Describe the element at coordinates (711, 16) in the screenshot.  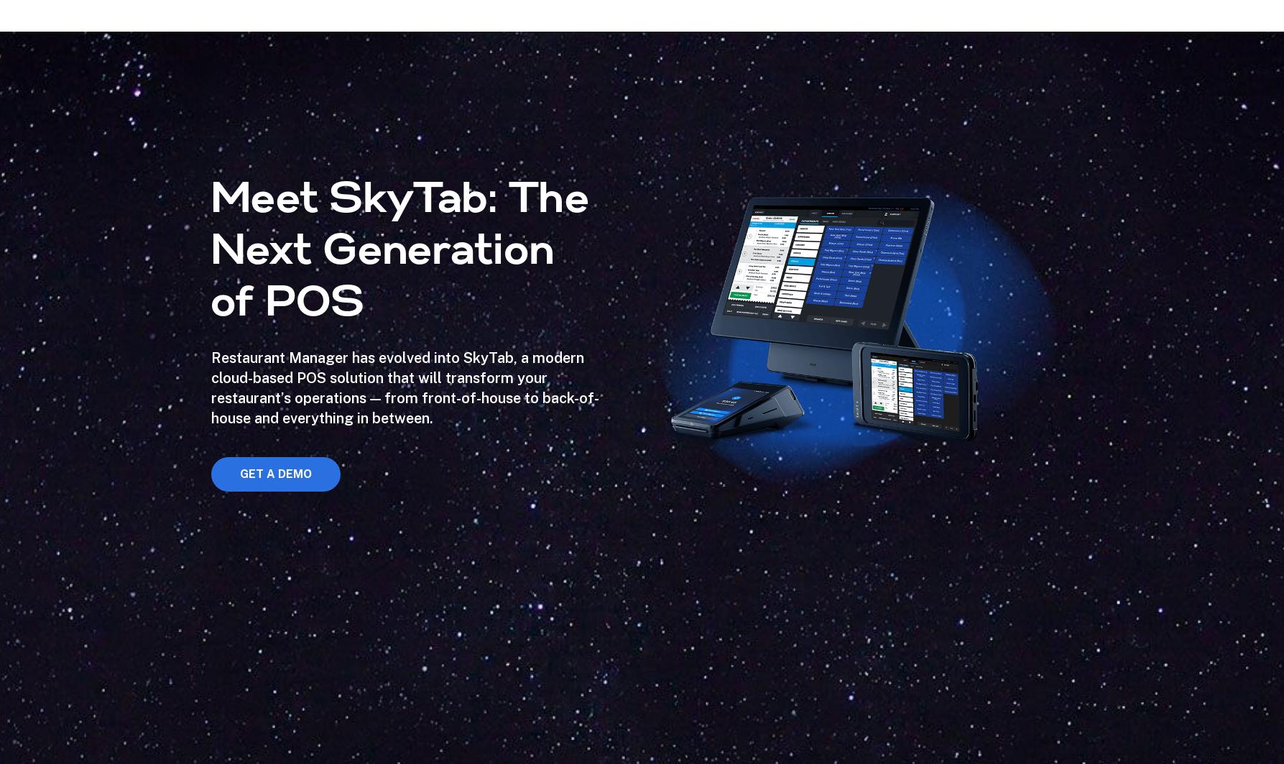
I see `'We've got your back'` at that location.